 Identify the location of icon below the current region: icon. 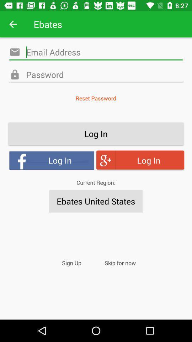
(96, 201).